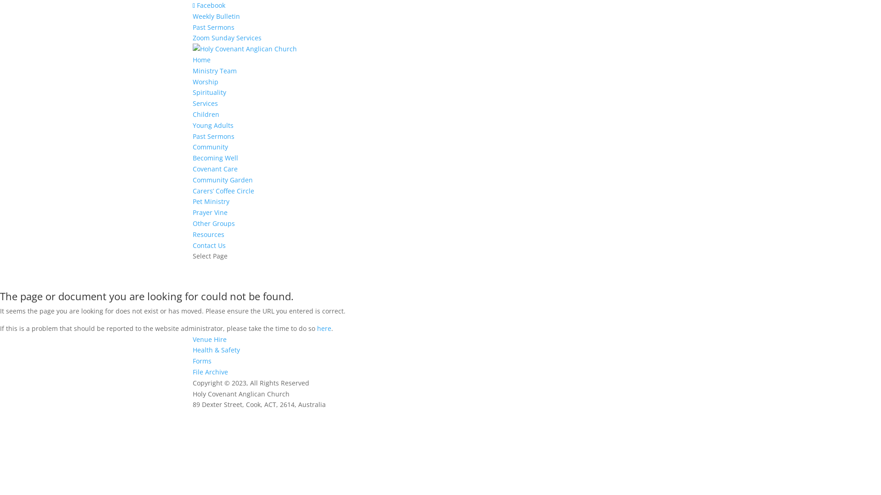 This screenshot has width=881, height=495. I want to click on 'Facebook', so click(192, 5).